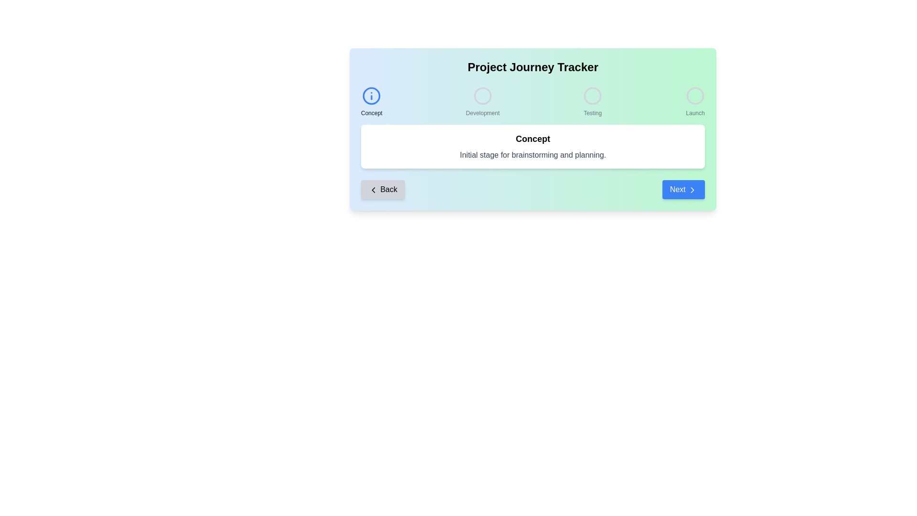 The image size is (917, 516). What do you see at coordinates (533, 139) in the screenshot?
I see `the static text label indicating the stage 'Concept' located at the upper part of the card, which is positioned above the descriptive text 'Initial stage for brainstorming and planning.'` at bounding box center [533, 139].